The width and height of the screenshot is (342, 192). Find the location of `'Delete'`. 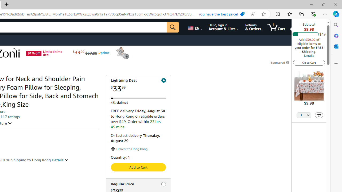

'Delete' is located at coordinates (319, 115).